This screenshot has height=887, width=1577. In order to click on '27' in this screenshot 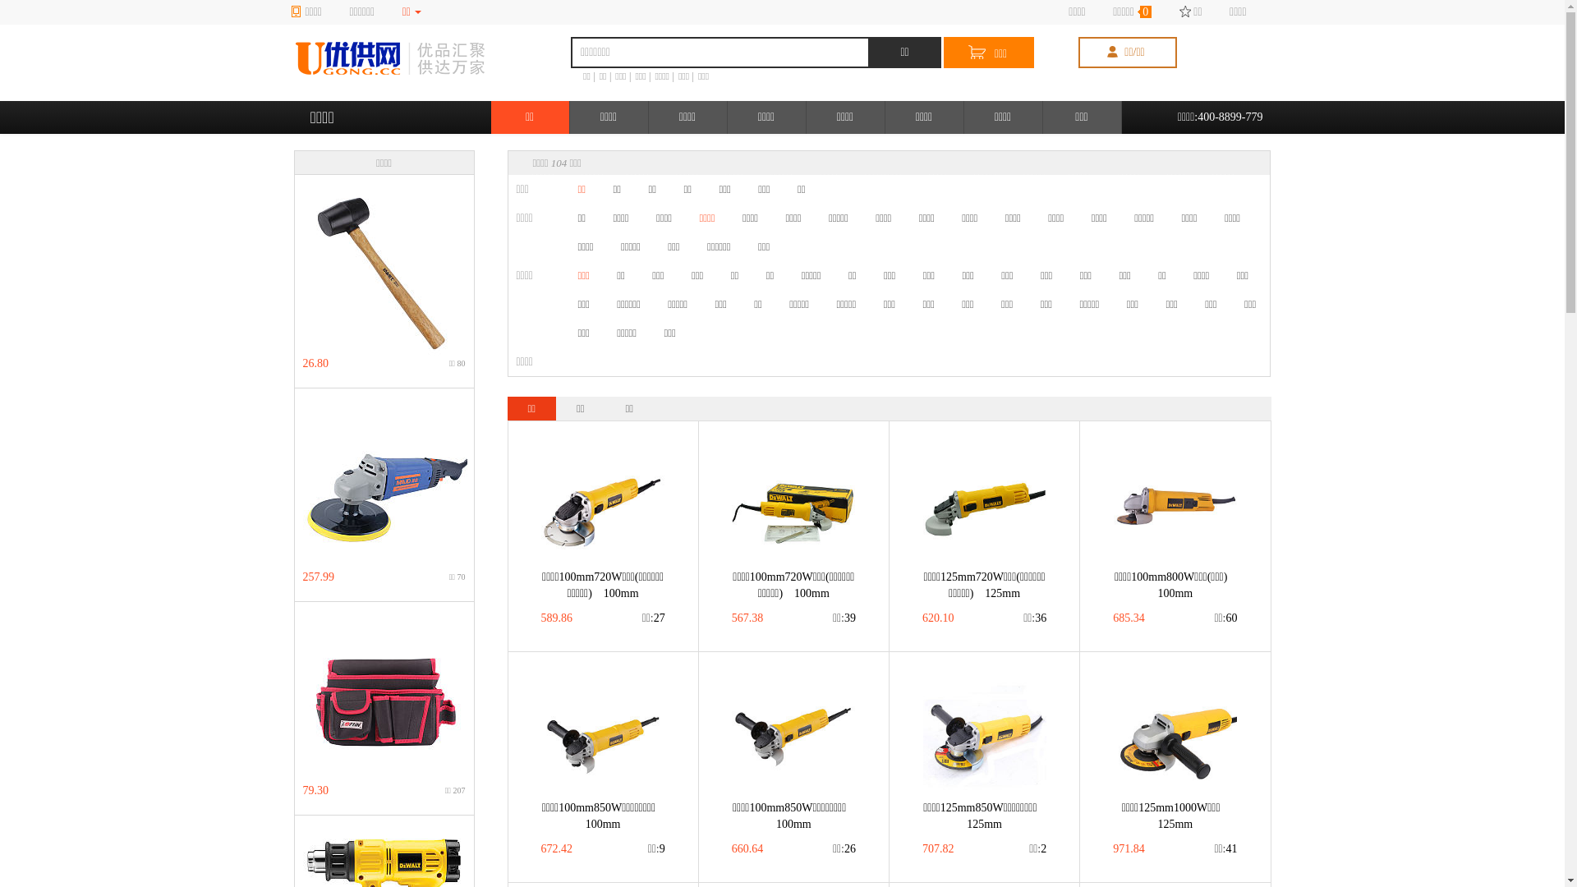, I will do `click(653, 618)`.